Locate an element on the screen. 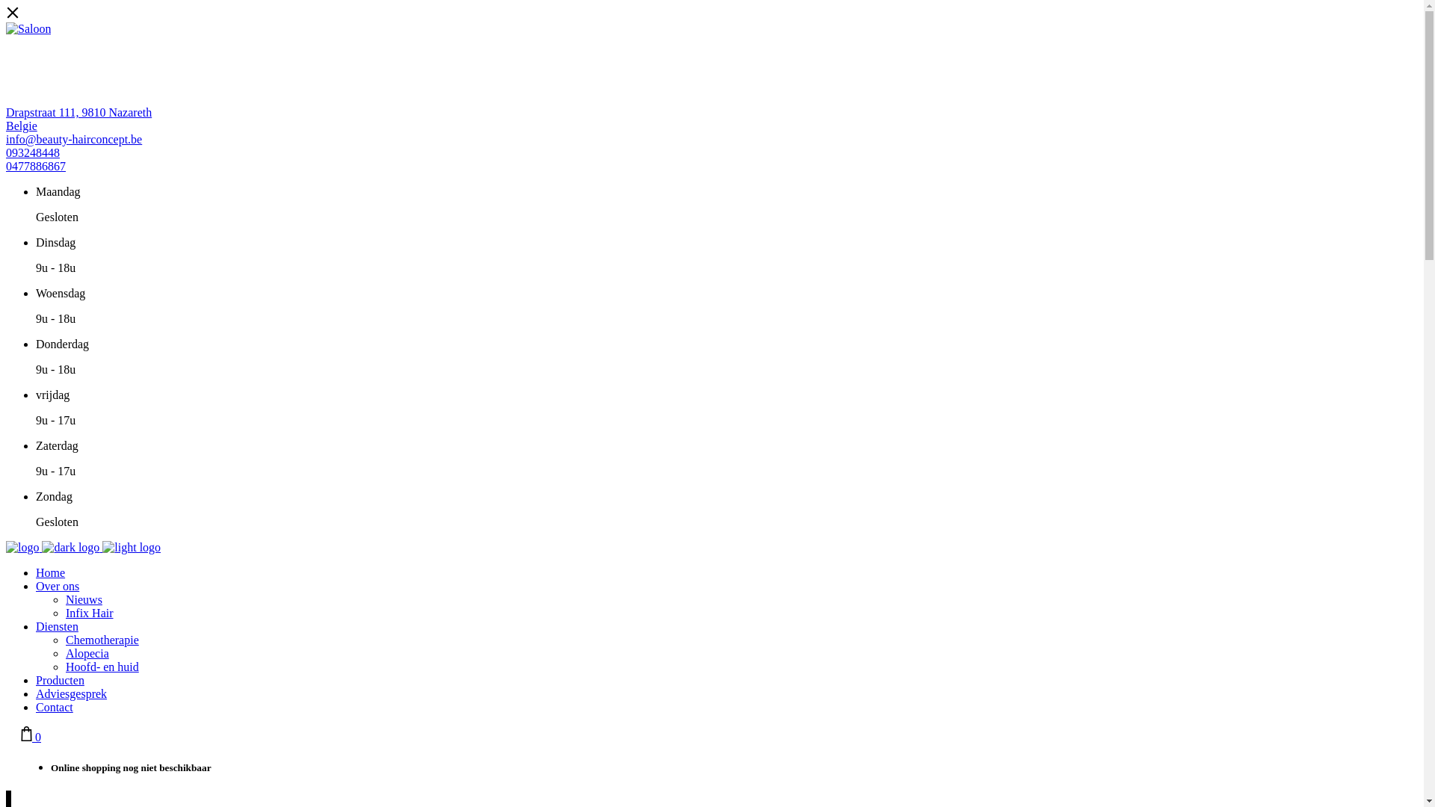  '093248448' is located at coordinates (32, 152).